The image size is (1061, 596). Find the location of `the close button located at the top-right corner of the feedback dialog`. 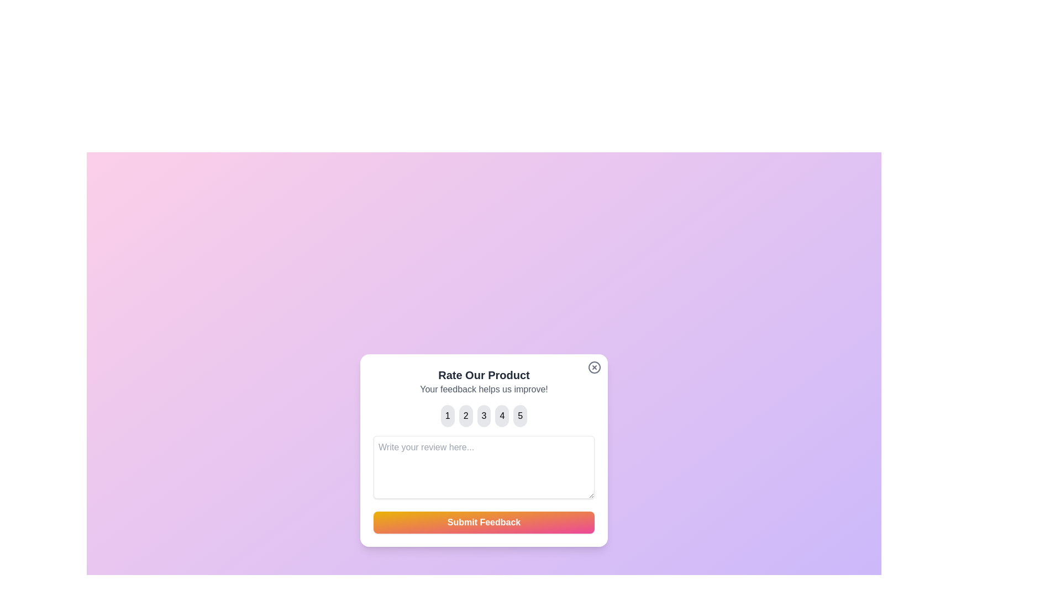

the close button located at the top-right corner of the feedback dialog is located at coordinates (593, 367).